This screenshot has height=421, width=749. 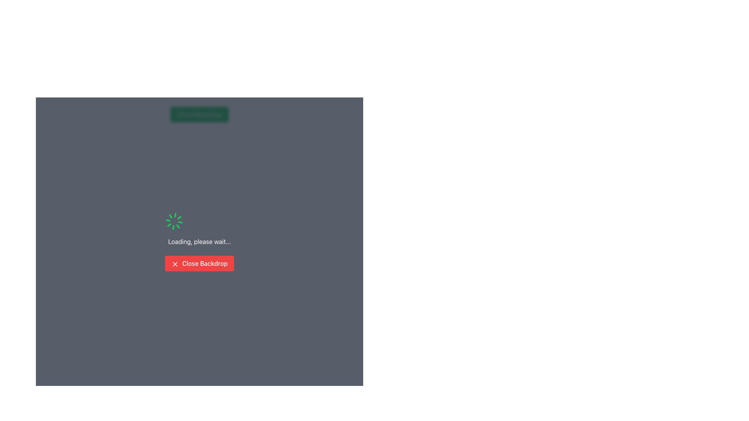 I want to click on the 'Close Backdrop' icon, which is located at the leftmost part of the button towards the bottom center of the interface, so click(x=175, y=264).